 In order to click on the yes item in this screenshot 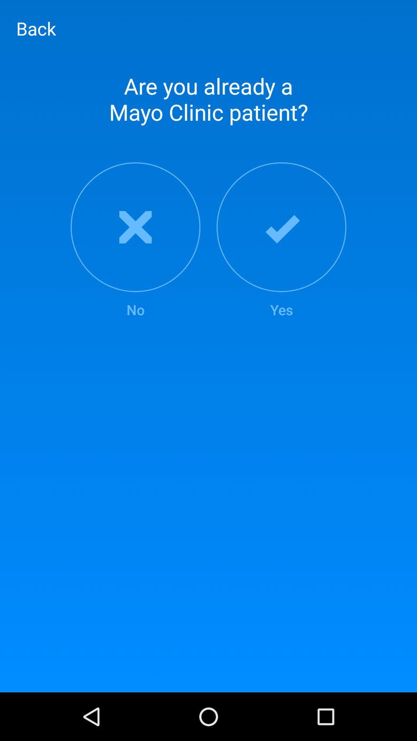, I will do `click(281, 240)`.